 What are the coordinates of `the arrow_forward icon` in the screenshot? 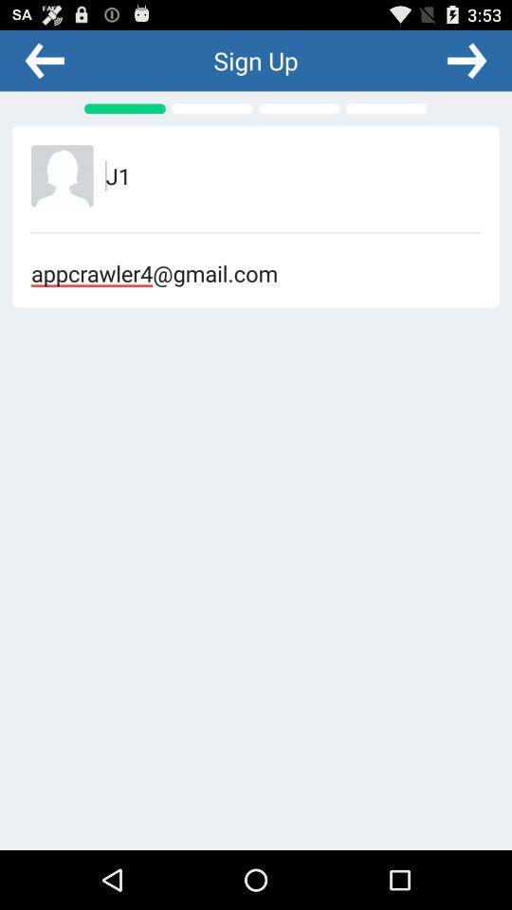 It's located at (466, 64).